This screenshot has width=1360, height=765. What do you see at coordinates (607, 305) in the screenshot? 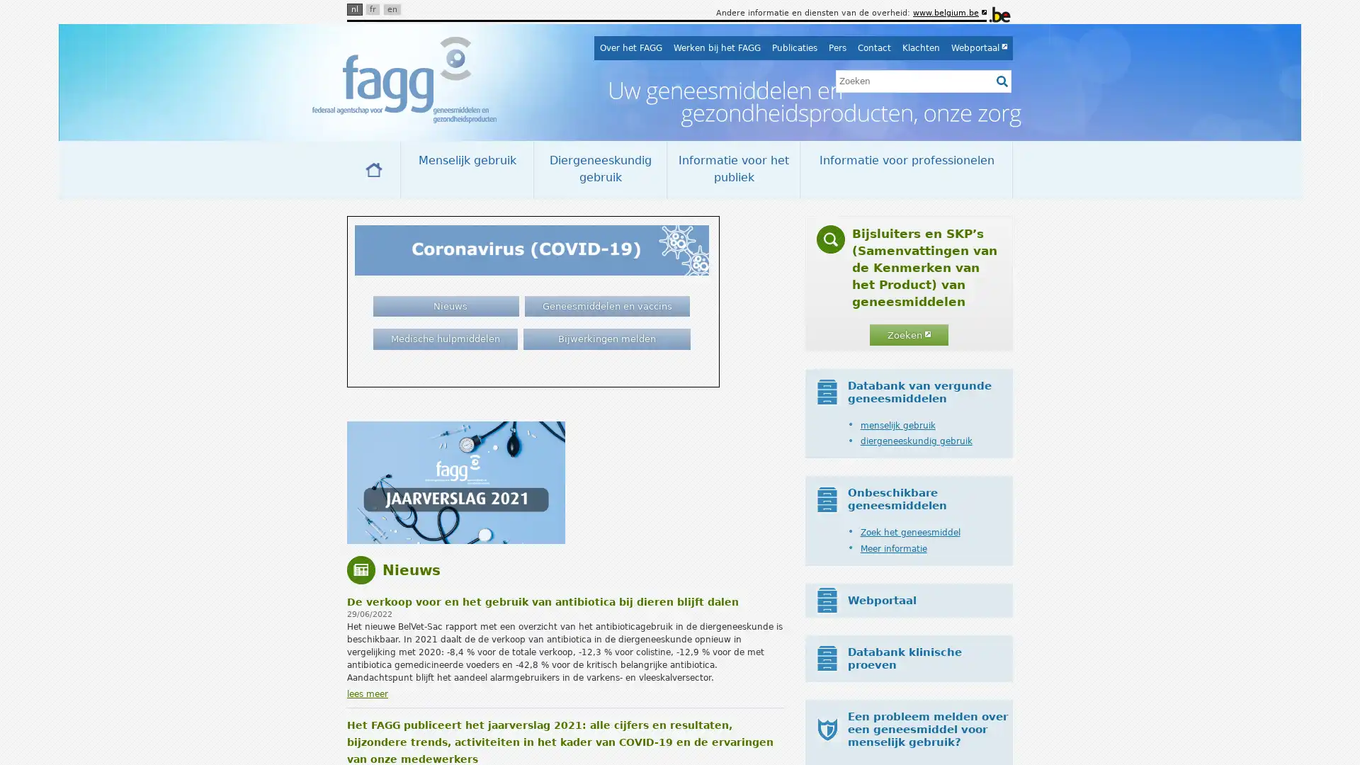
I see `Geneesmiddelen en vaccins` at bounding box center [607, 305].